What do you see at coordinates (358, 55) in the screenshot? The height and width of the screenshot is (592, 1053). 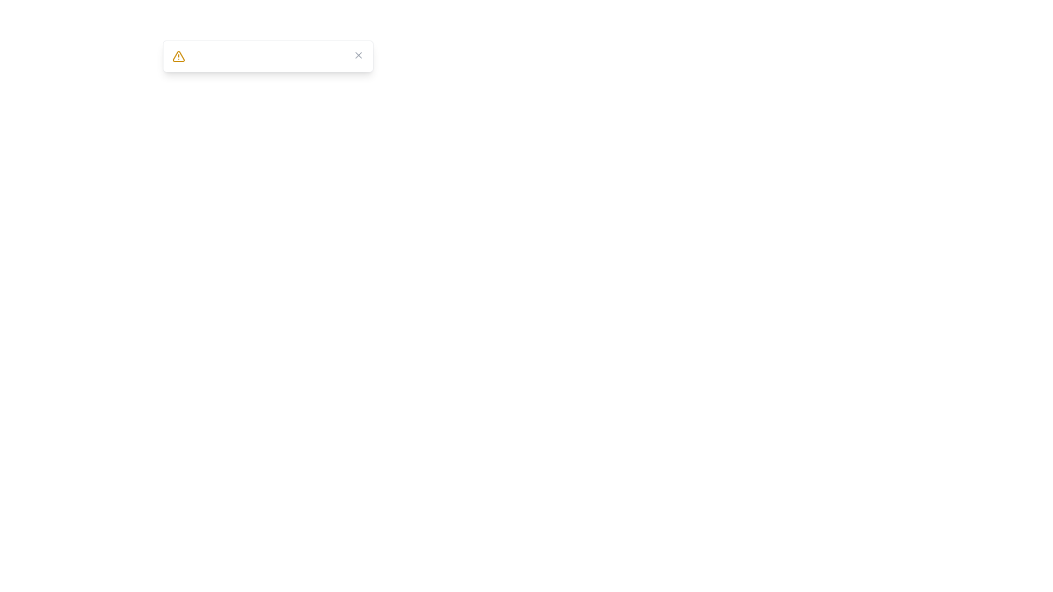 I see `the small red 'X' icon located on the far right of the white interface panel, which is situated next to a yellow warning triangle` at bounding box center [358, 55].